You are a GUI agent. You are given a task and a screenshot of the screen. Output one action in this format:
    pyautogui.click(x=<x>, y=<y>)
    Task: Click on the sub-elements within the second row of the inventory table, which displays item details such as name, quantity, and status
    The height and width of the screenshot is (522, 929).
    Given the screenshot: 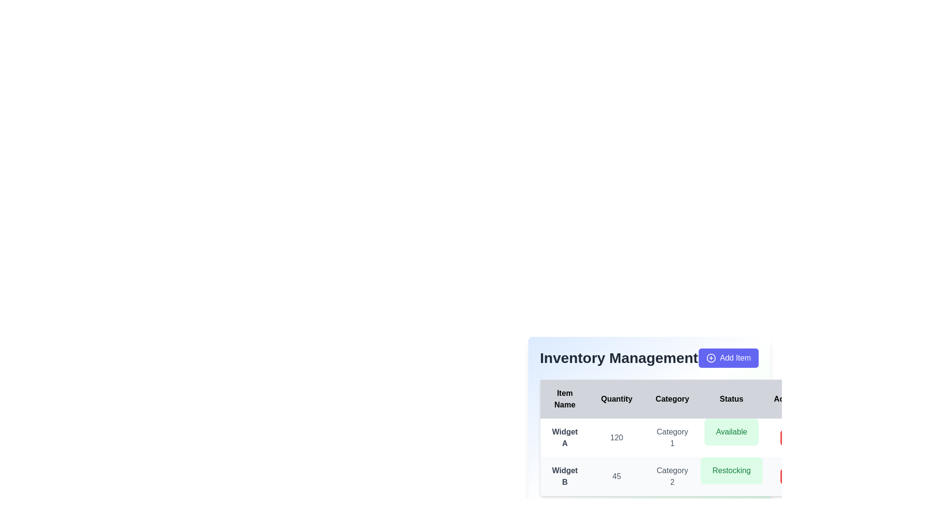 What is the action you would take?
    pyautogui.click(x=676, y=457)
    